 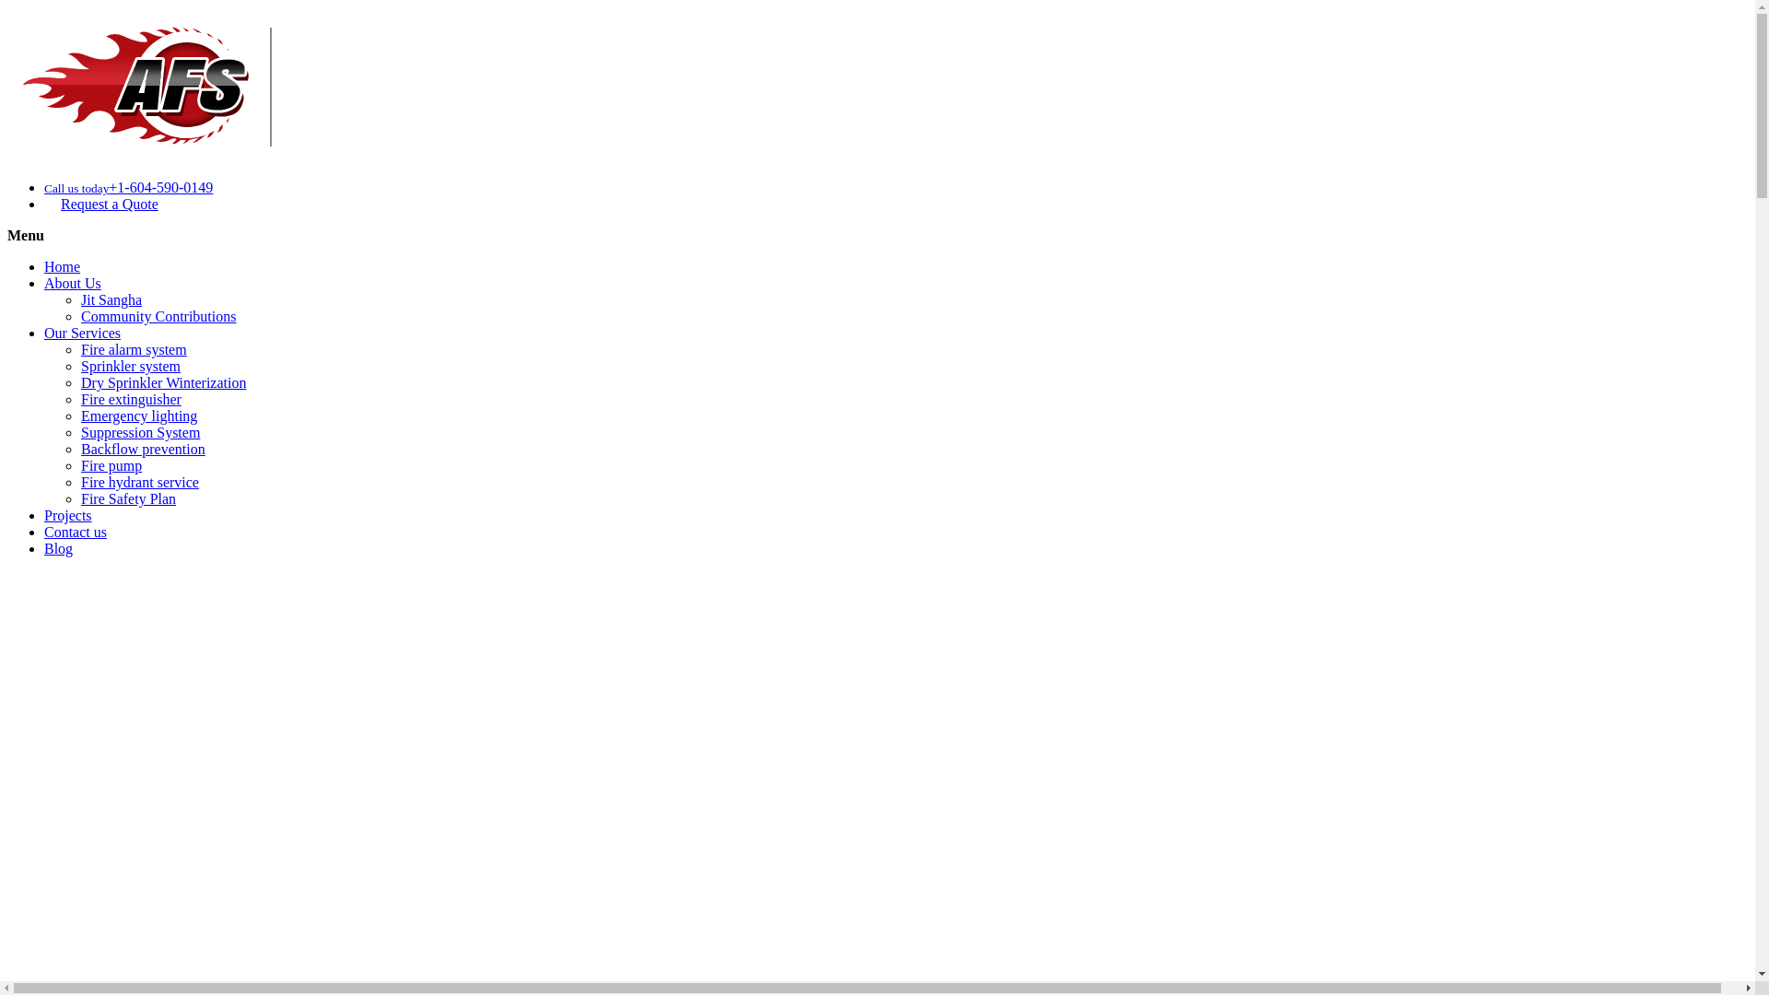 I want to click on 'Projects', so click(x=67, y=515).